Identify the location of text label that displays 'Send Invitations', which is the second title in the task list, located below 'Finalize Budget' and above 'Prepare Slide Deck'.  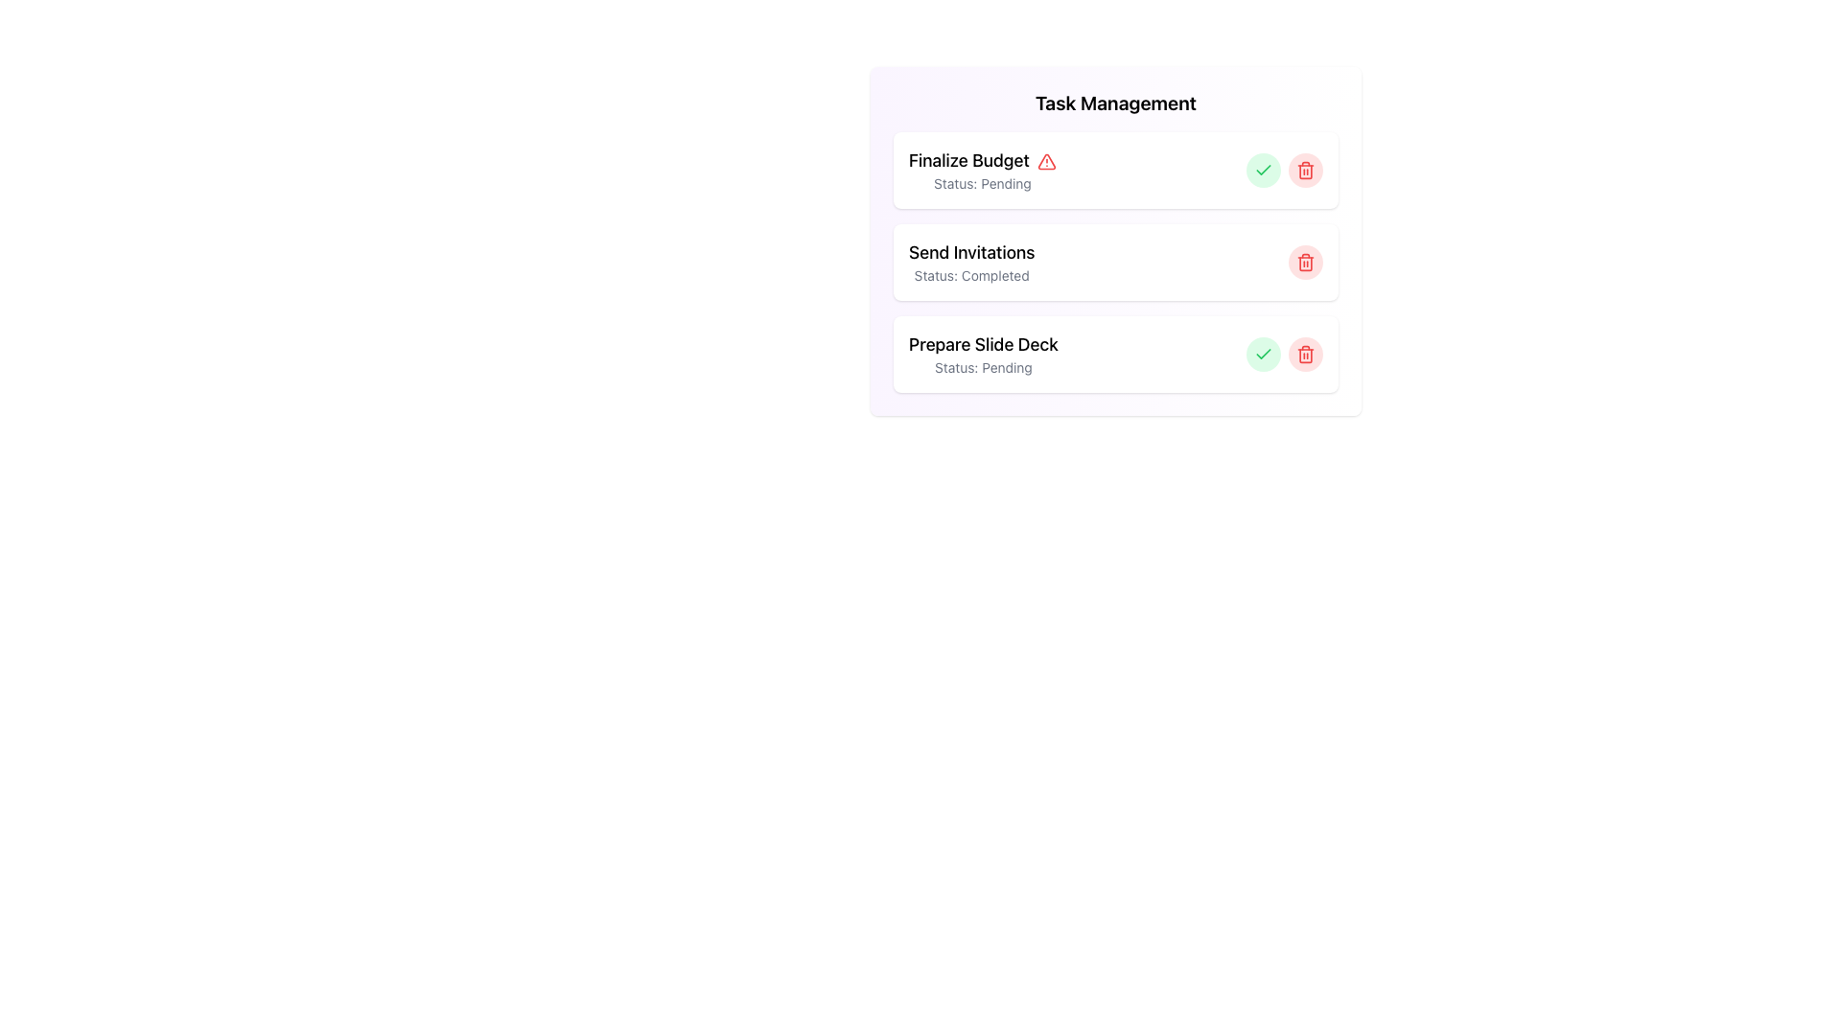
(971, 251).